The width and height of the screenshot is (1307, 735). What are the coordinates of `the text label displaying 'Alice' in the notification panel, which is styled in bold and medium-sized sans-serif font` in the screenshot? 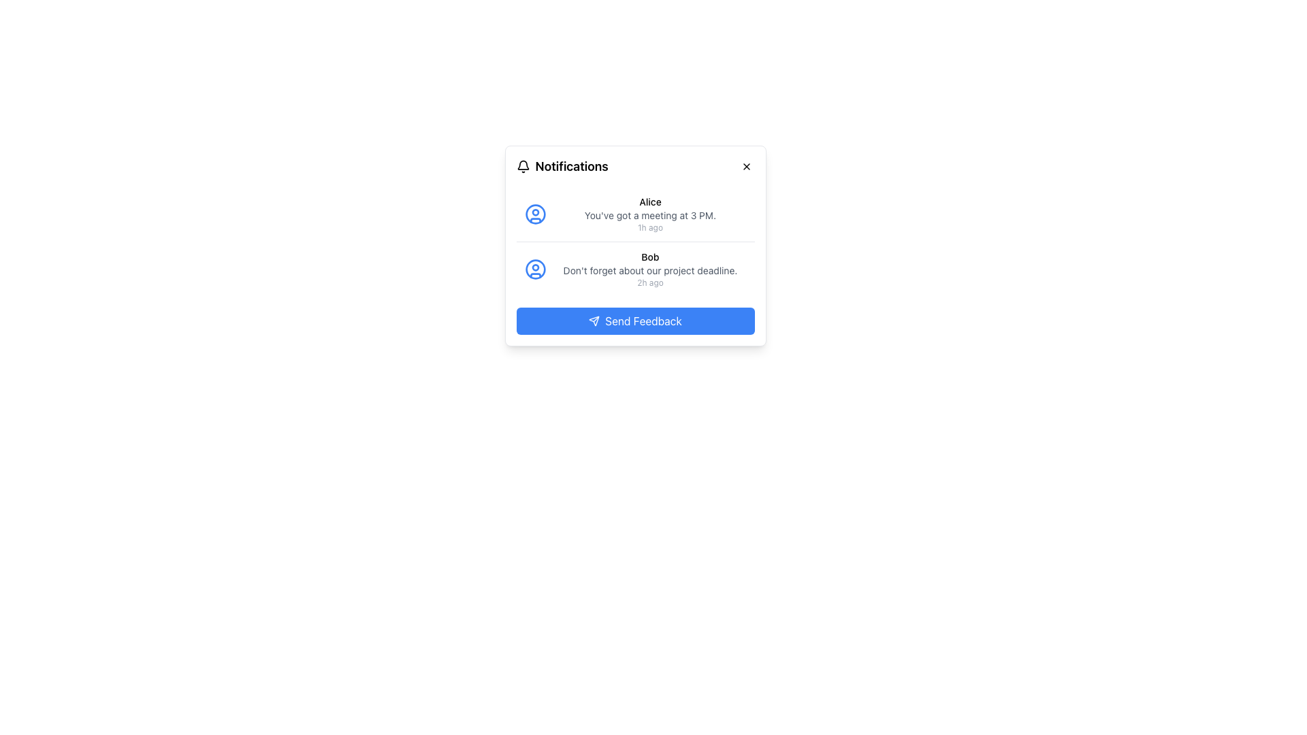 It's located at (649, 202).